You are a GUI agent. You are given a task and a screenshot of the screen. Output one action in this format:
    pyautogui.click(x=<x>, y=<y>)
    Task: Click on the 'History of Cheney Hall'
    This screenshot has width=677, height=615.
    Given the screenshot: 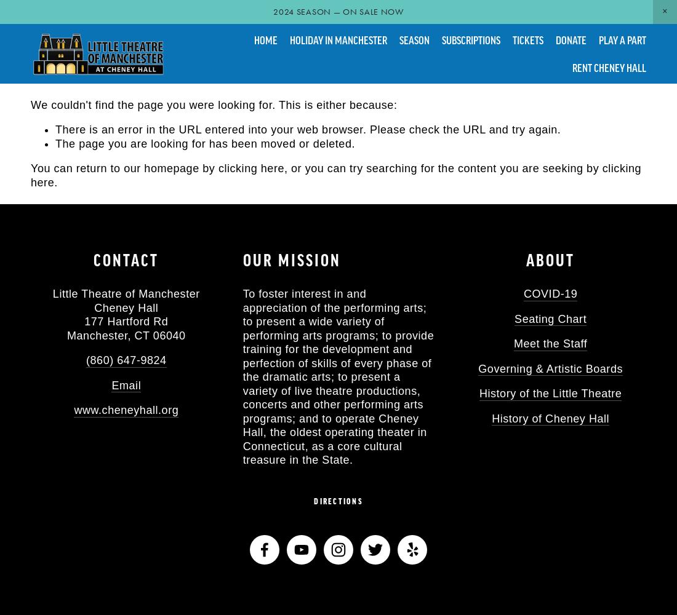 What is the action you would take?
    pyautogui.click(x=550, y=418)
    